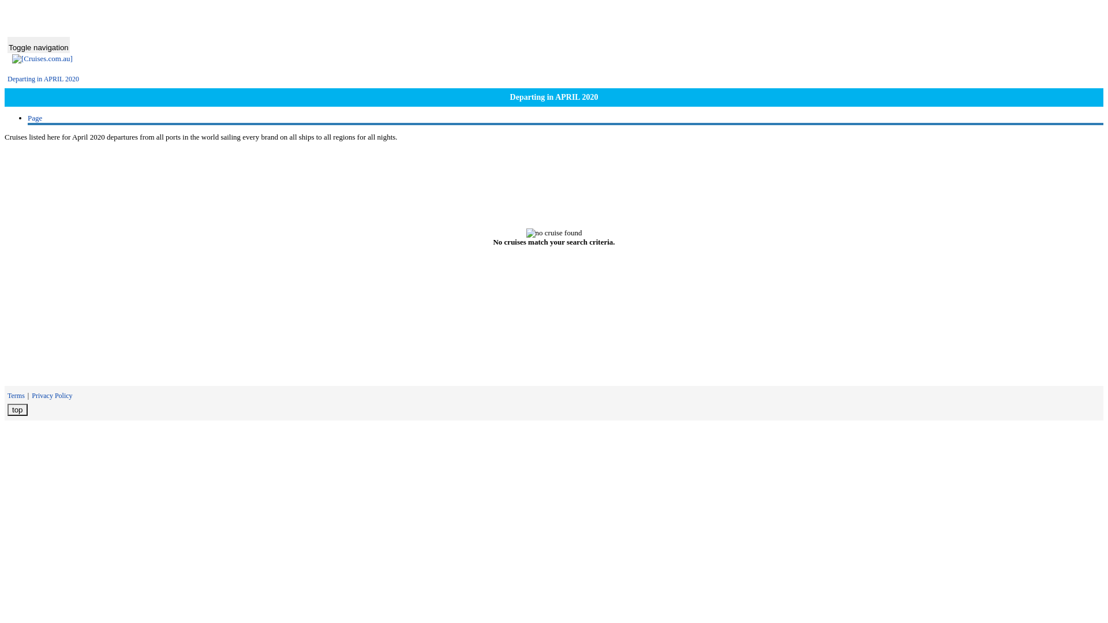 This screenshot has width=1108, height=623. I want to click on 'Terms', so click(8, 395).